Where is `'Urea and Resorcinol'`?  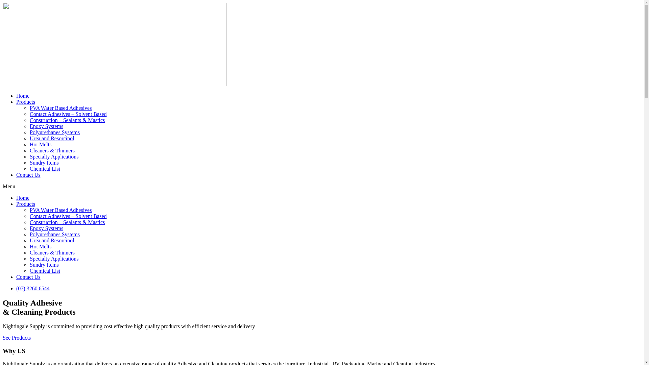 'Urea and Resorcinol' is located at coordinates (51, 138).